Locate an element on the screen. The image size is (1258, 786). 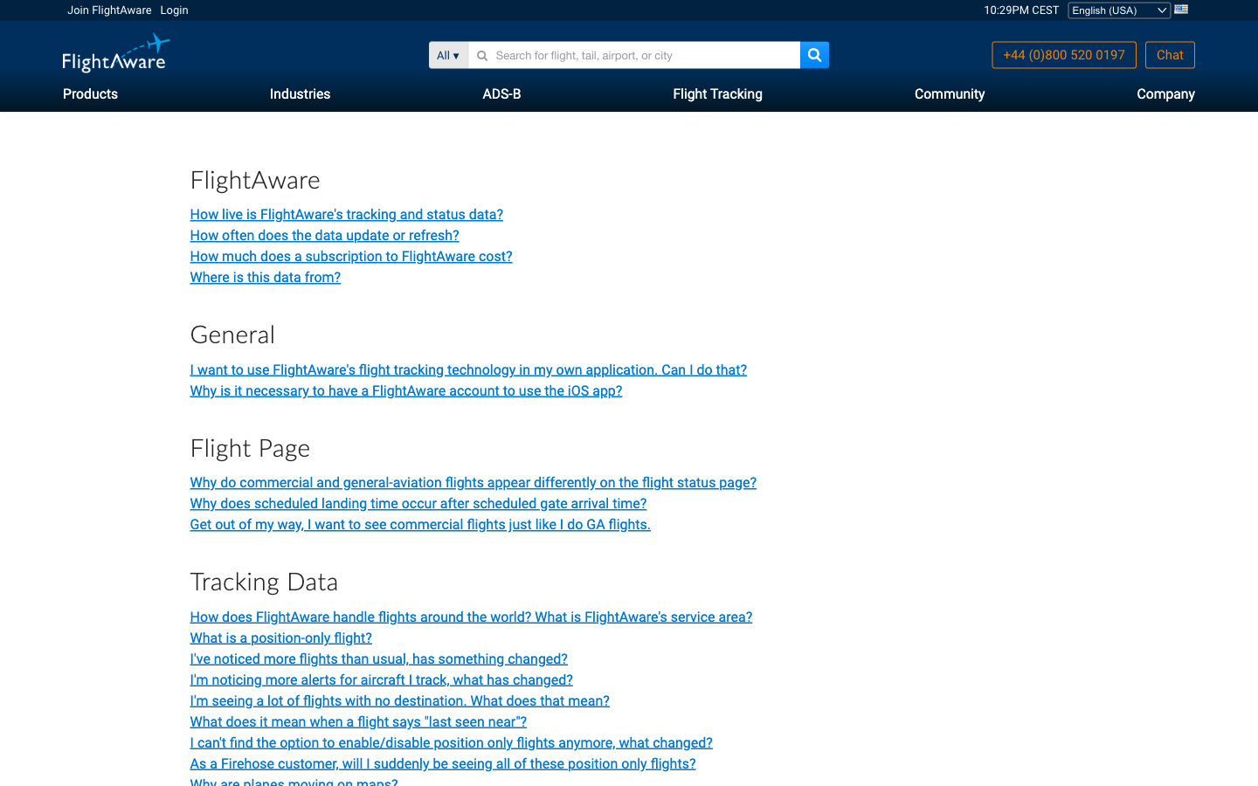
FlightAware"s chat window is located at coordinates (1169, 54).